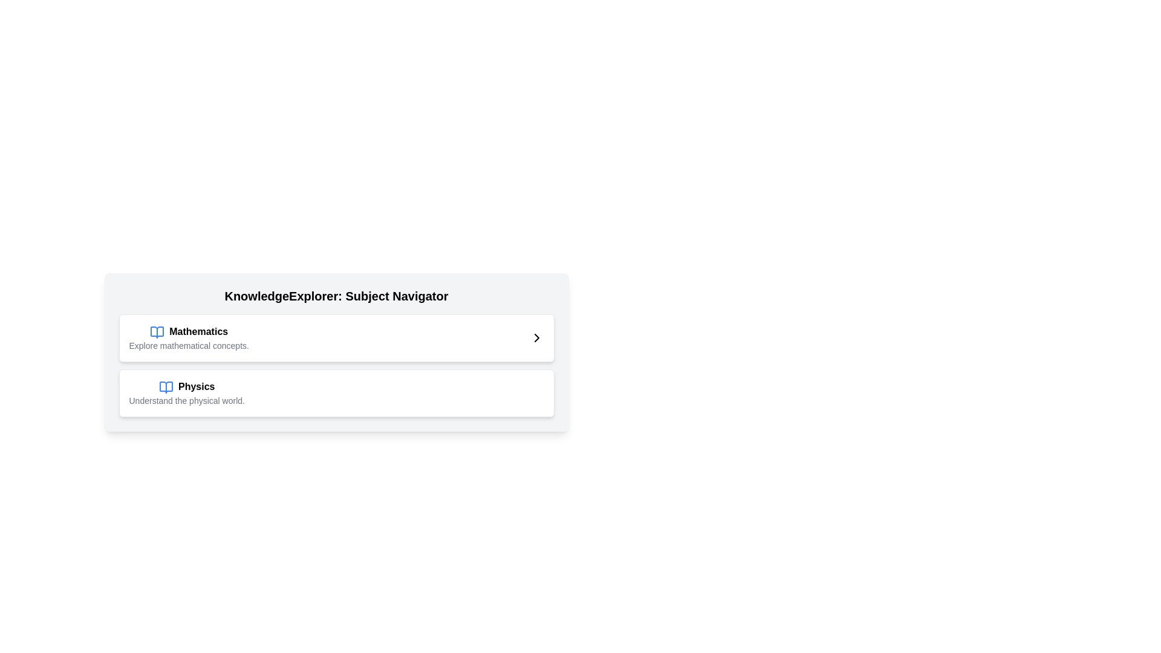  What do you see at coordinates (186, 400) in the screenshot?
I see `text content of the second line of text under the title 'Physics', which provides a brief description or context for the 'Physics' subject` at bounding box center [186, 400].